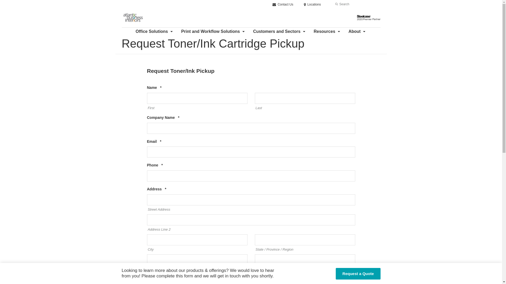 The width and height of the screenshot is (506, 284). Describe the element at coordinates (357, 31) in the screenshot. I see `'About'` at that location.